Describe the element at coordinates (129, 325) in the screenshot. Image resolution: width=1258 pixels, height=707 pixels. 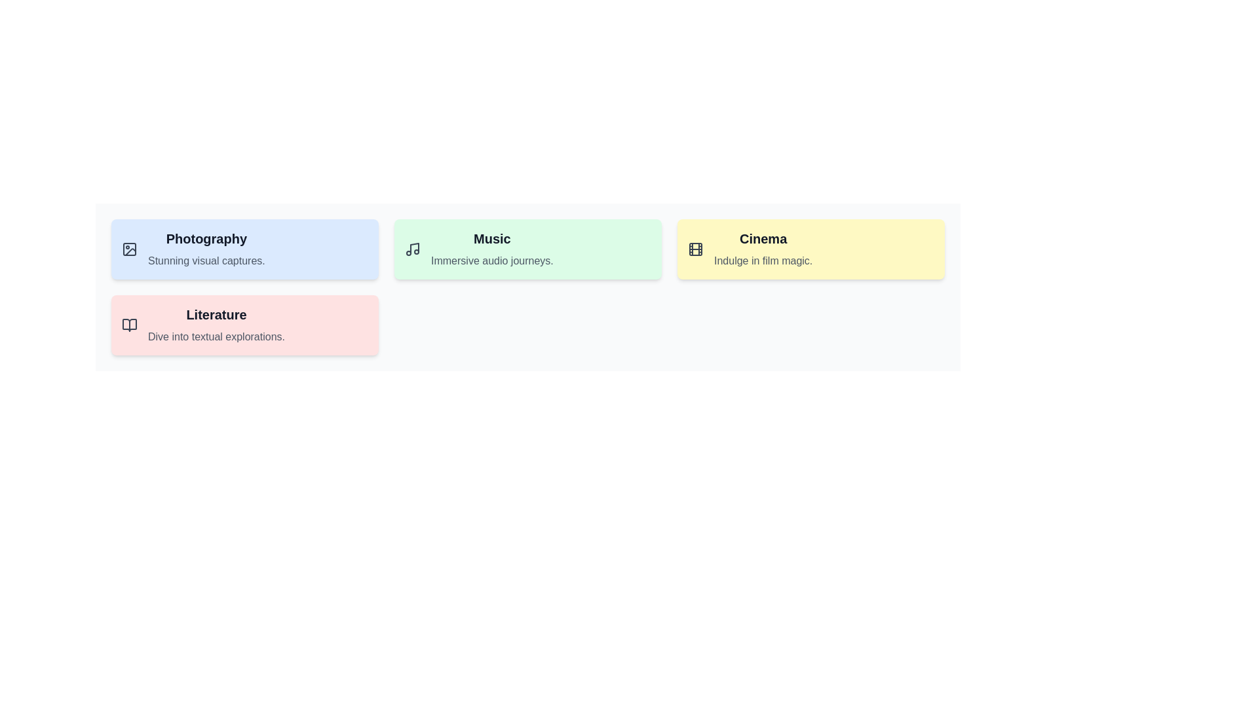
I see `the open book icon located in the top-left corner of the red-themed 'Literature' card` at that location.